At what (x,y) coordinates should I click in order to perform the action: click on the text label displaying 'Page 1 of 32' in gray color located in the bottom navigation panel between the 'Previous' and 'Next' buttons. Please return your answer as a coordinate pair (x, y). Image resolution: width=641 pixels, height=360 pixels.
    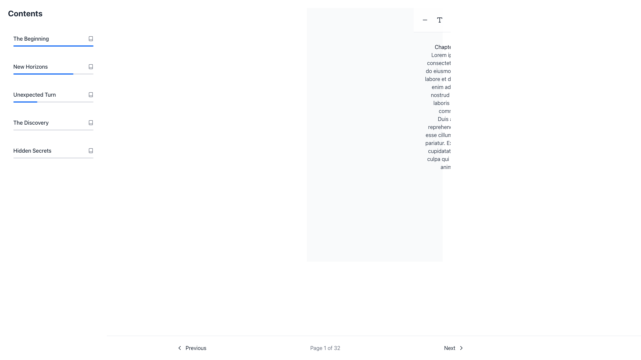
    Looking at the image, I should click on (325, 348).